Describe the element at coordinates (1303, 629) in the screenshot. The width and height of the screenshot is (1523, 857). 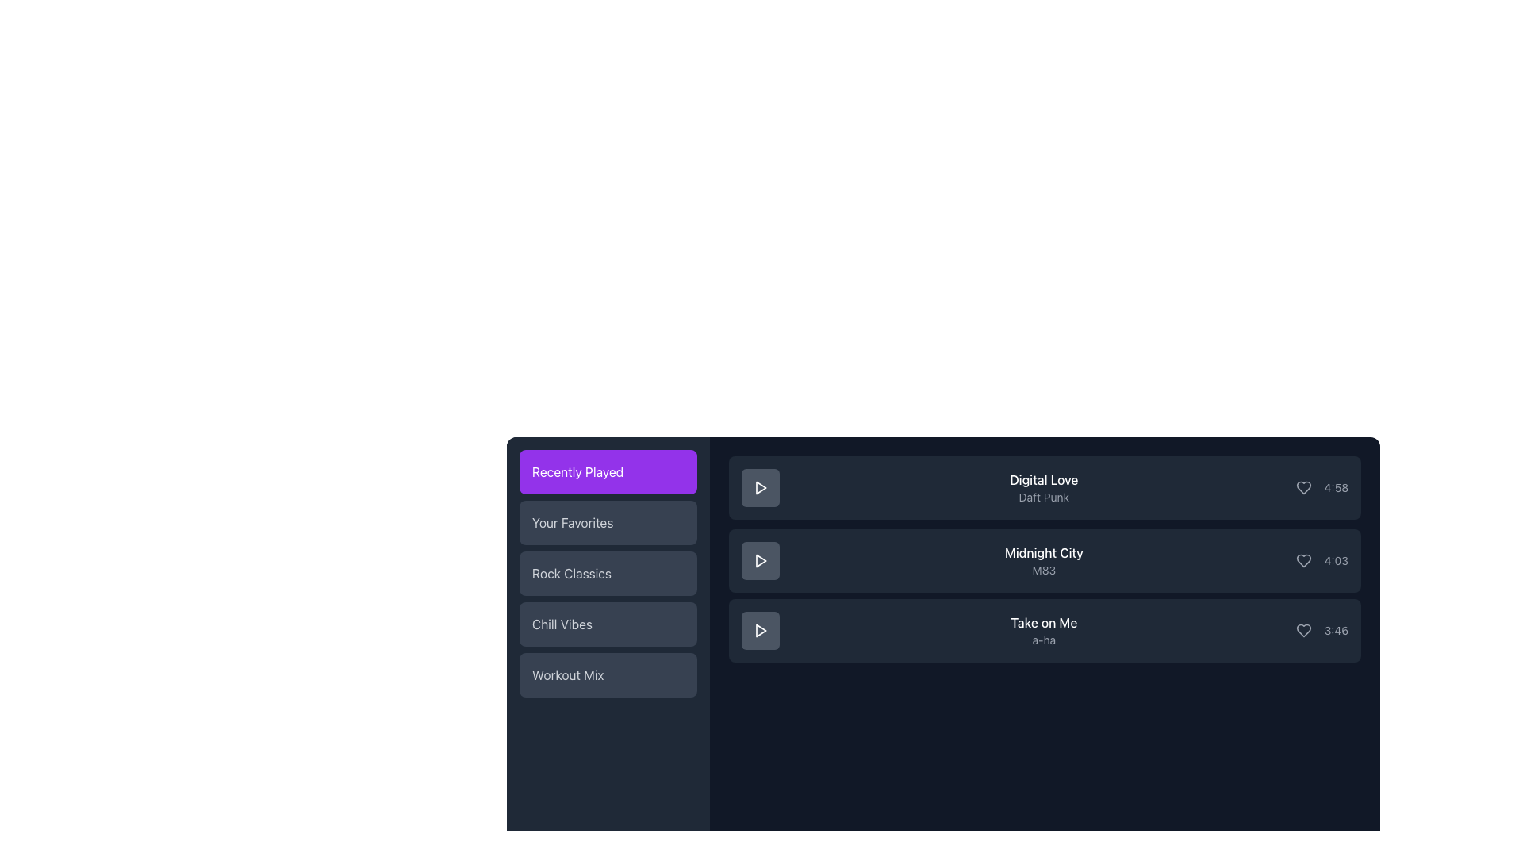
I see `the heart-shaped icon associated with the song 'Take on Me' located in the last row of the song list` at that location.